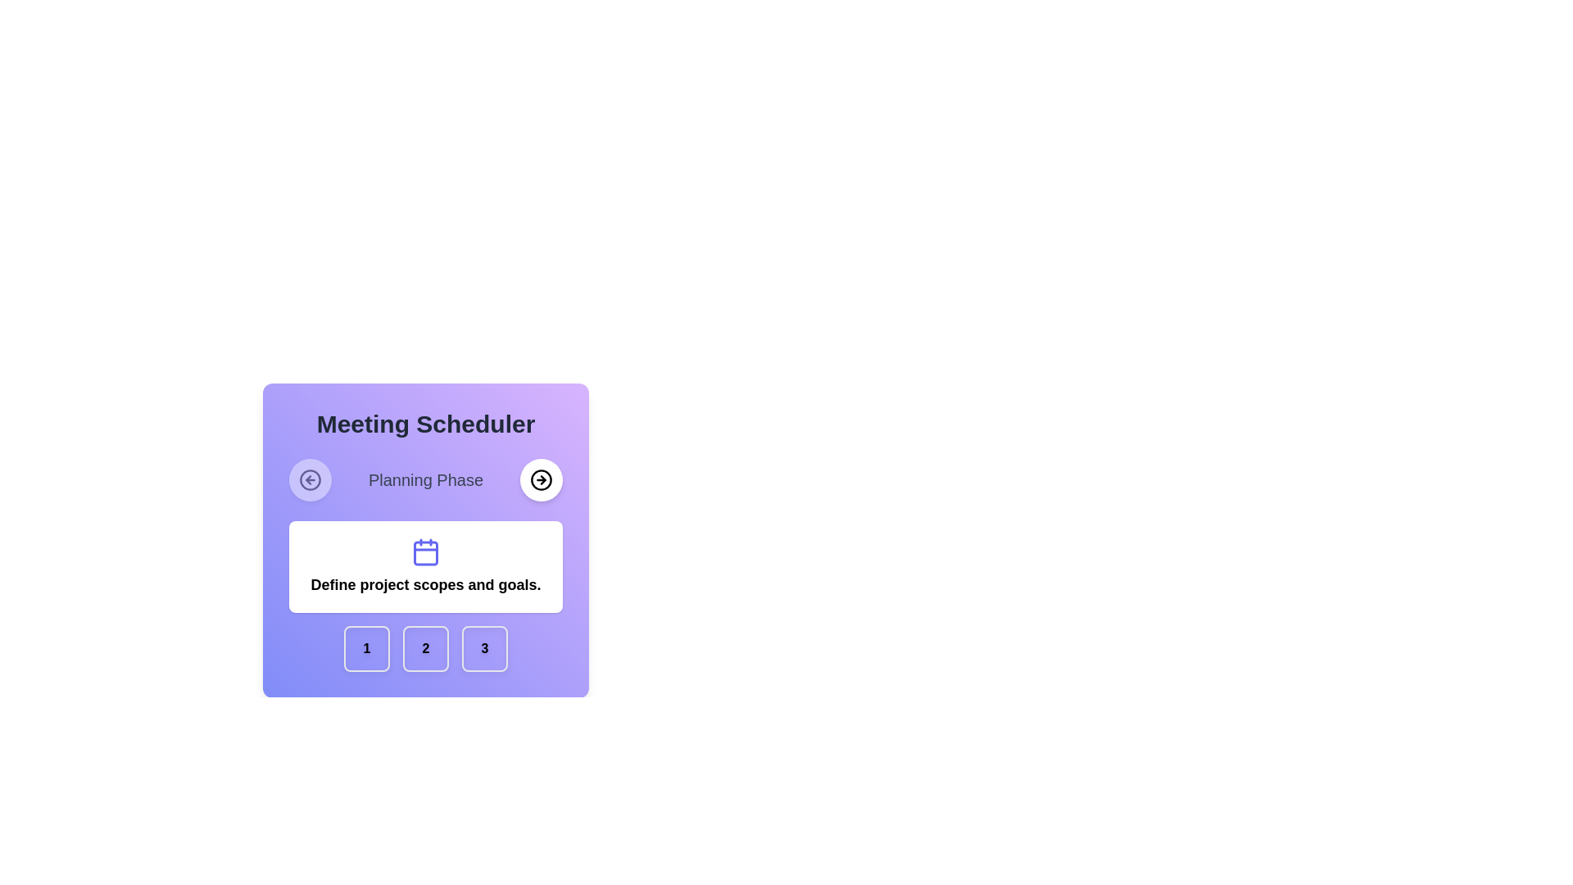 This screenshot has width=1573, height=885. I want to click on the circular icon button with a right-pointing arrow located in the top-right corner of the 'Meeting Scheduler' card, so click(542, 479).